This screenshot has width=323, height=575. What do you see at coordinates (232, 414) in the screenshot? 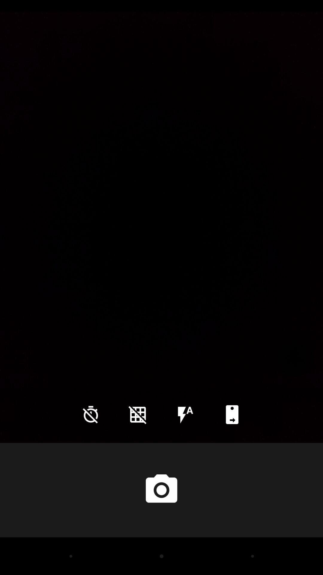
I see `item at the bottom right corner` at bounding box center [232, 414].